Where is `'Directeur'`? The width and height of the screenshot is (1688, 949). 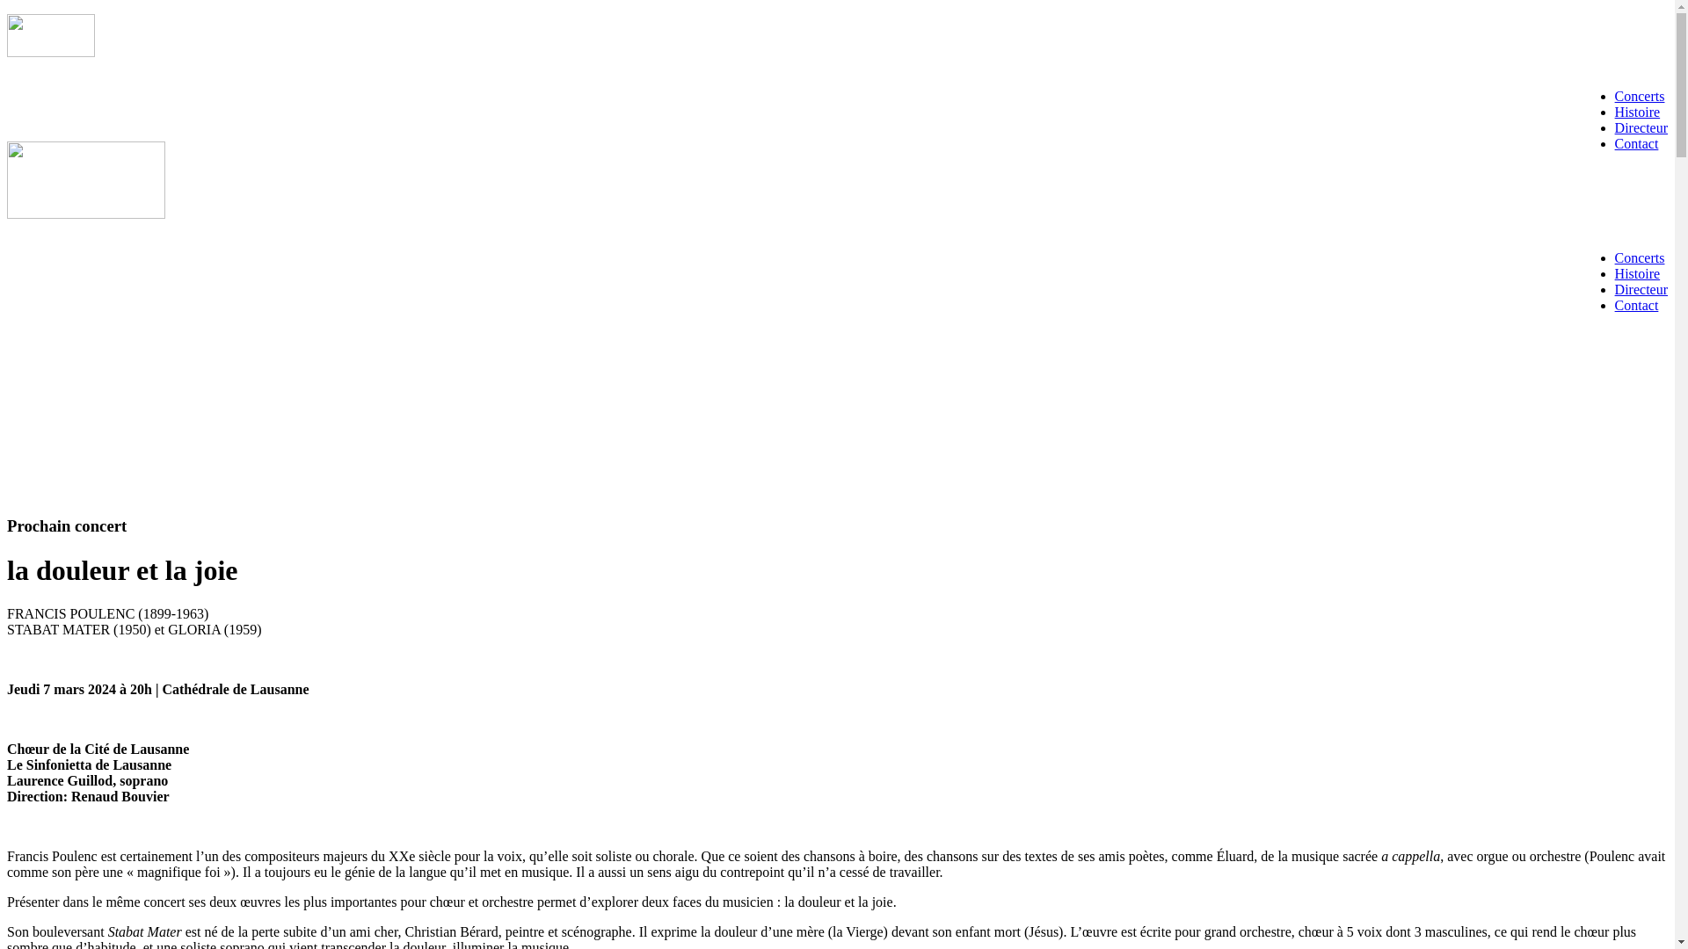
'Directeur' is located at coordinates (1641, 288).